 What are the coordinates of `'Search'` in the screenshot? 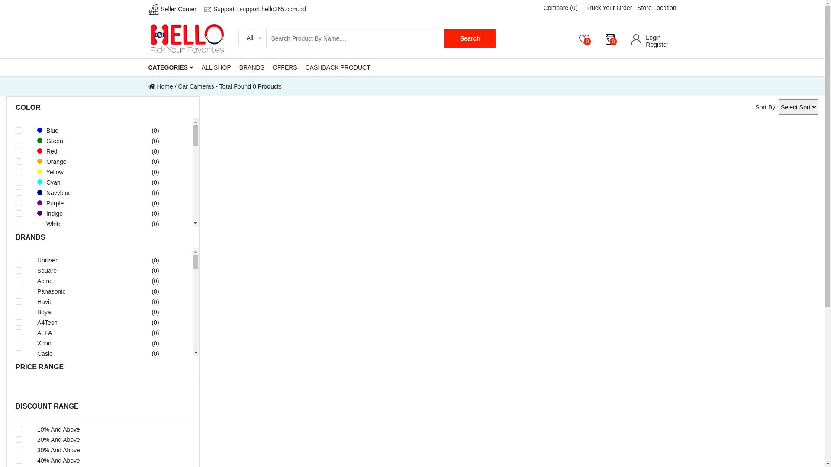 It's located at (444, 38).